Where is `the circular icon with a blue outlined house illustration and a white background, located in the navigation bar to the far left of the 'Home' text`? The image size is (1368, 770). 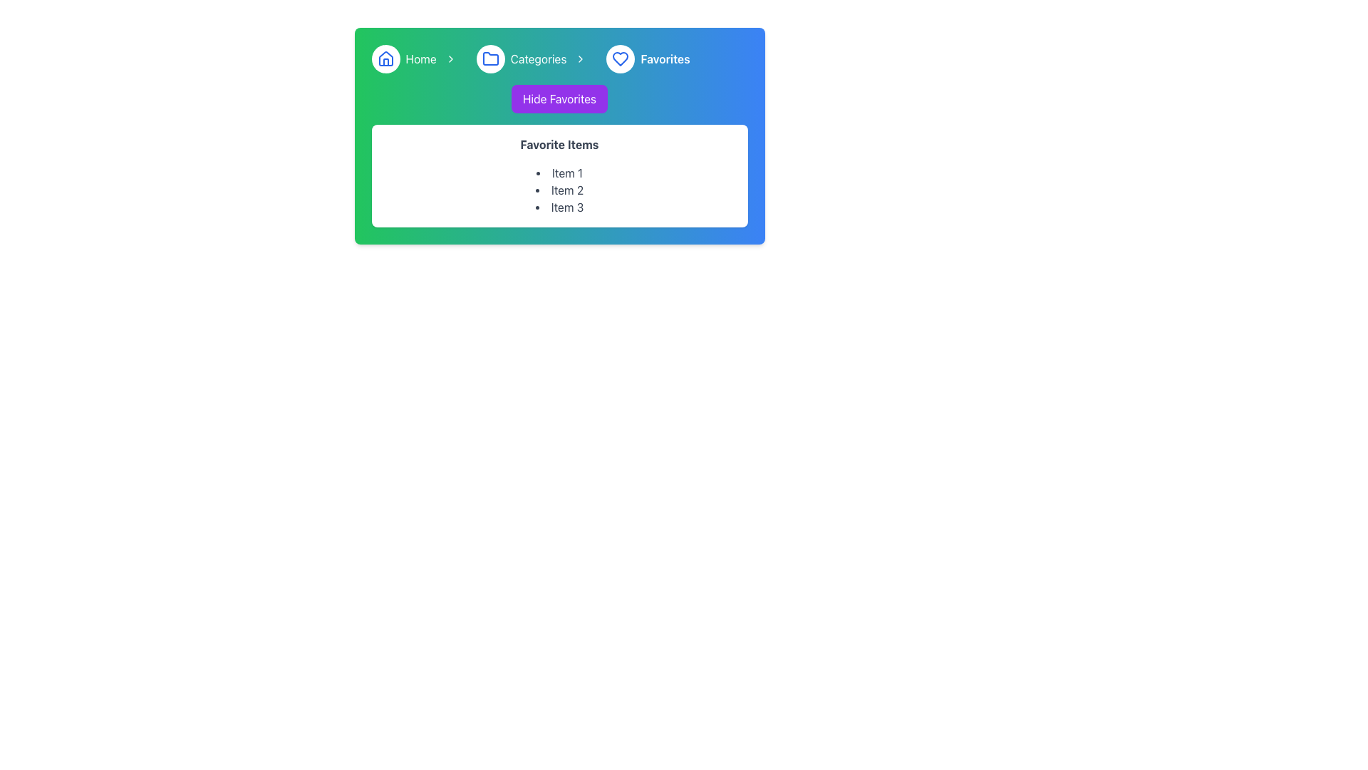
the circular icon with a blue outlined house illustration and a white background, located in the navigation bar to the far left of the 'Home' text is located at coordinates (385, 58).